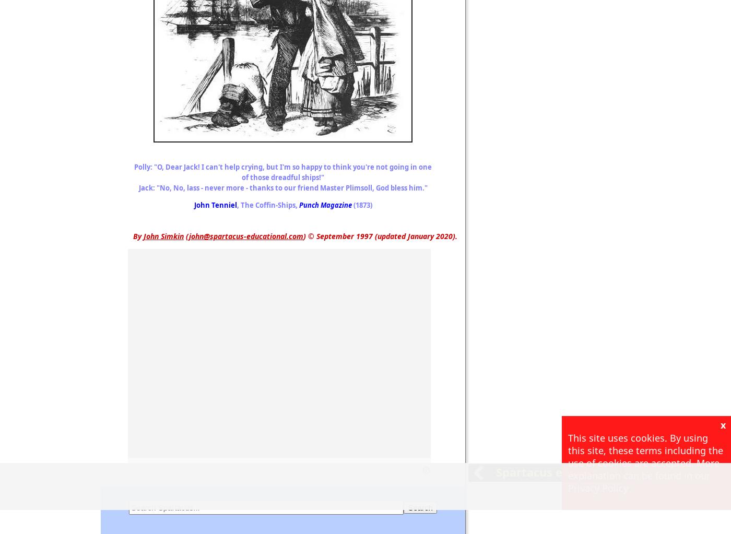 The image size is (731, 534). What do you see at coordinates (361, 205) in the screenshot?
I see `'(1873)'` at bounding box center [361, 205].